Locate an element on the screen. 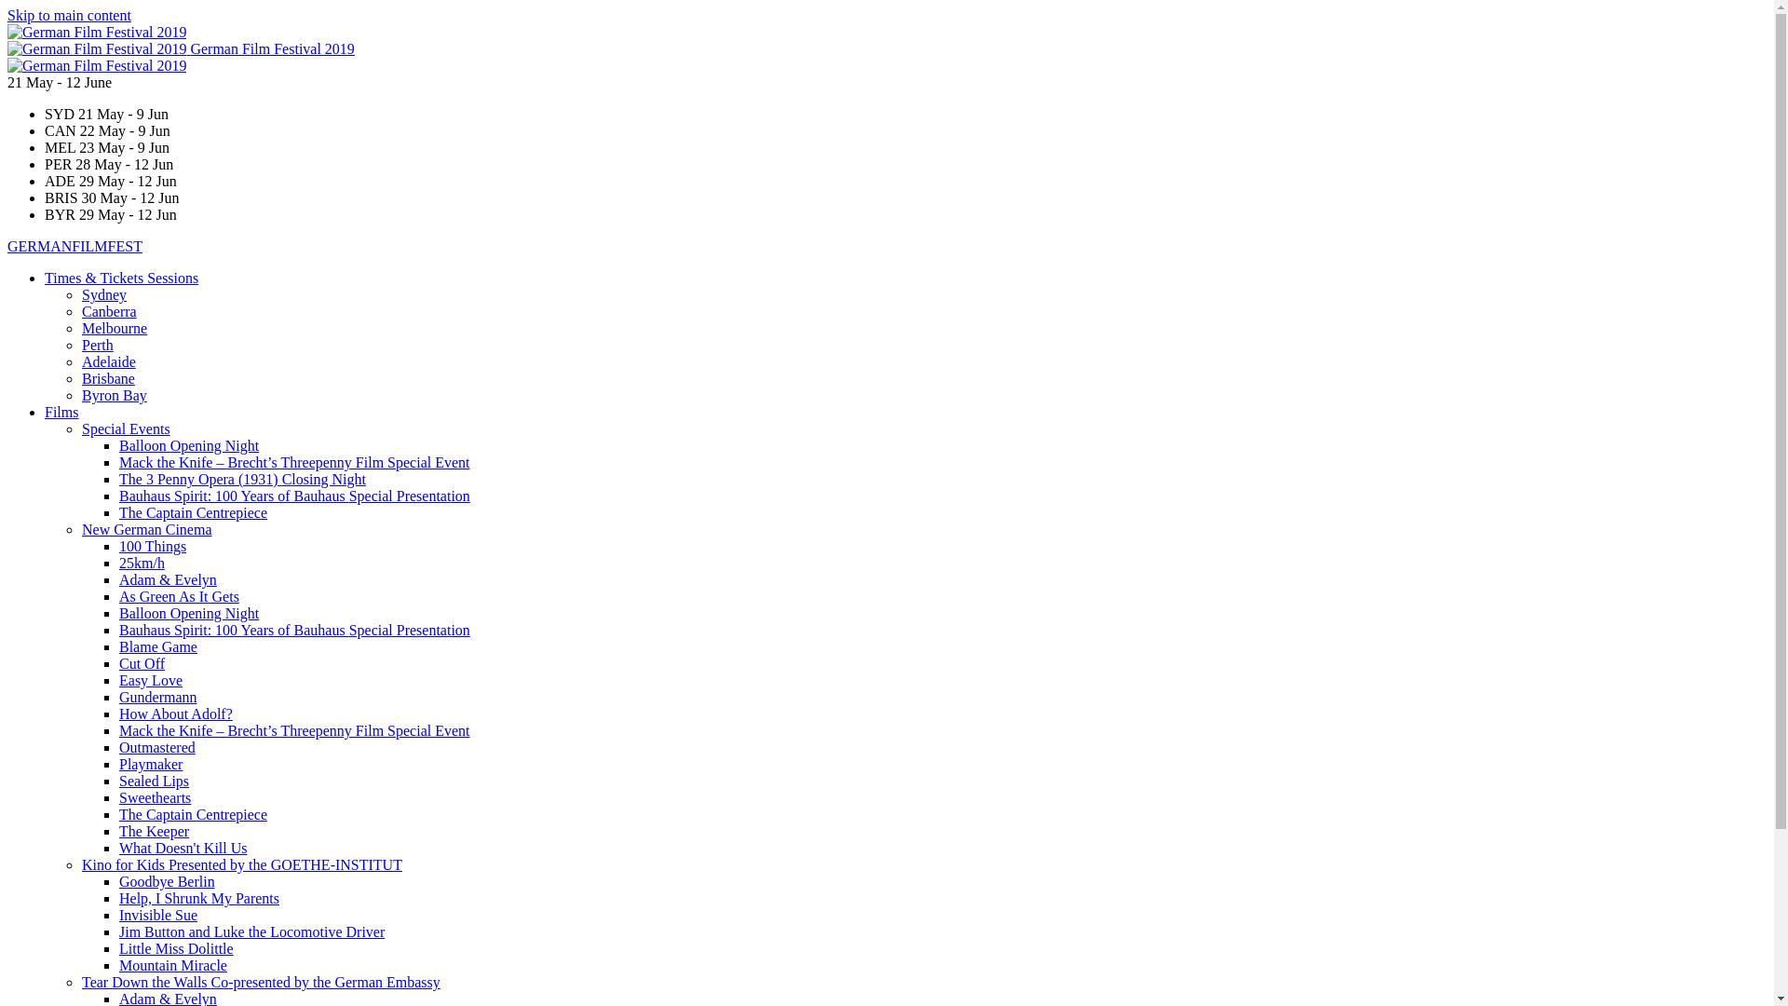  'Canberra' is located at coordinates (108, 310).